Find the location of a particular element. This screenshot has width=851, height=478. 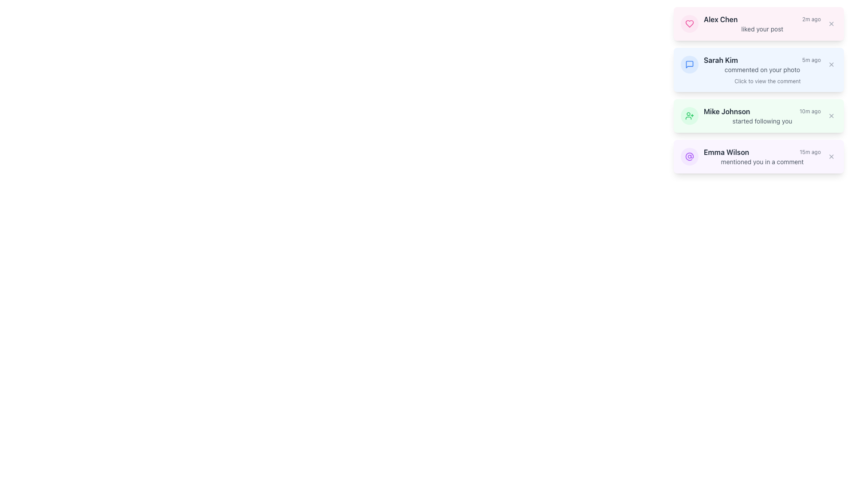

the text content of the user information label that displays 'Emma Wilson' and the notification time is located at coordinates (761, 151).